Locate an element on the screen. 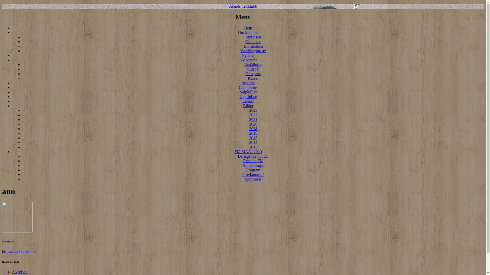  'Styrelsen' is located at coordinates (20, 271).